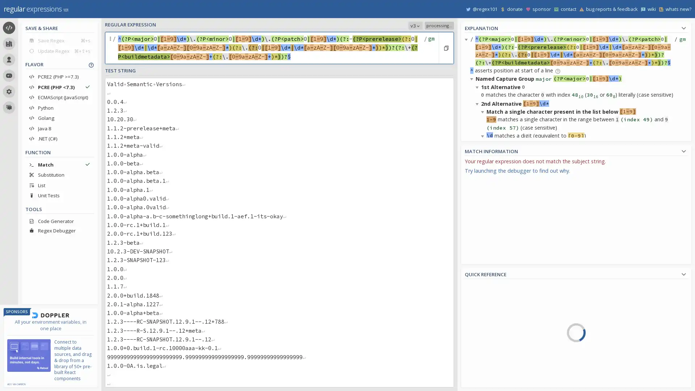 The height and width of the screenshot is (391, 695). Describe the element at coordinates (478, 177) in the screenshot. I see `Collapse Subtree` at that location.